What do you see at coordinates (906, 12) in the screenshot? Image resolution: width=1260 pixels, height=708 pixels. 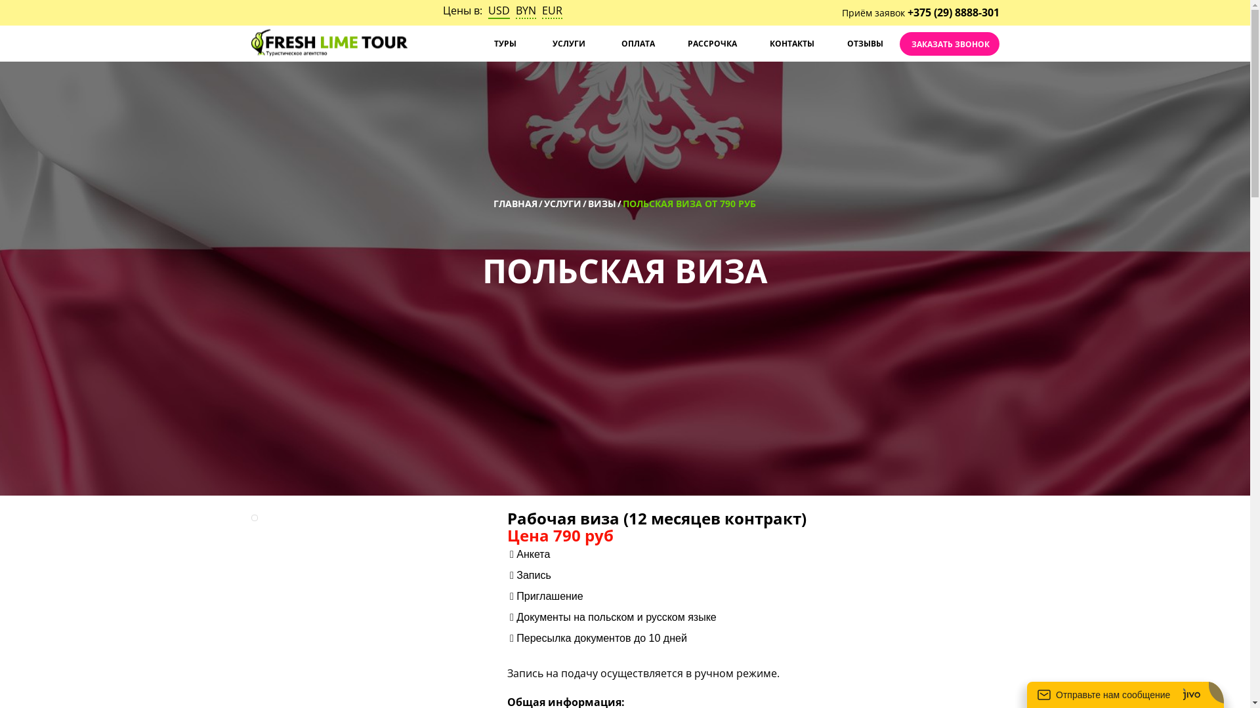 I see `'+375 (29) 8888-301'` at bounding box center [906, 12].